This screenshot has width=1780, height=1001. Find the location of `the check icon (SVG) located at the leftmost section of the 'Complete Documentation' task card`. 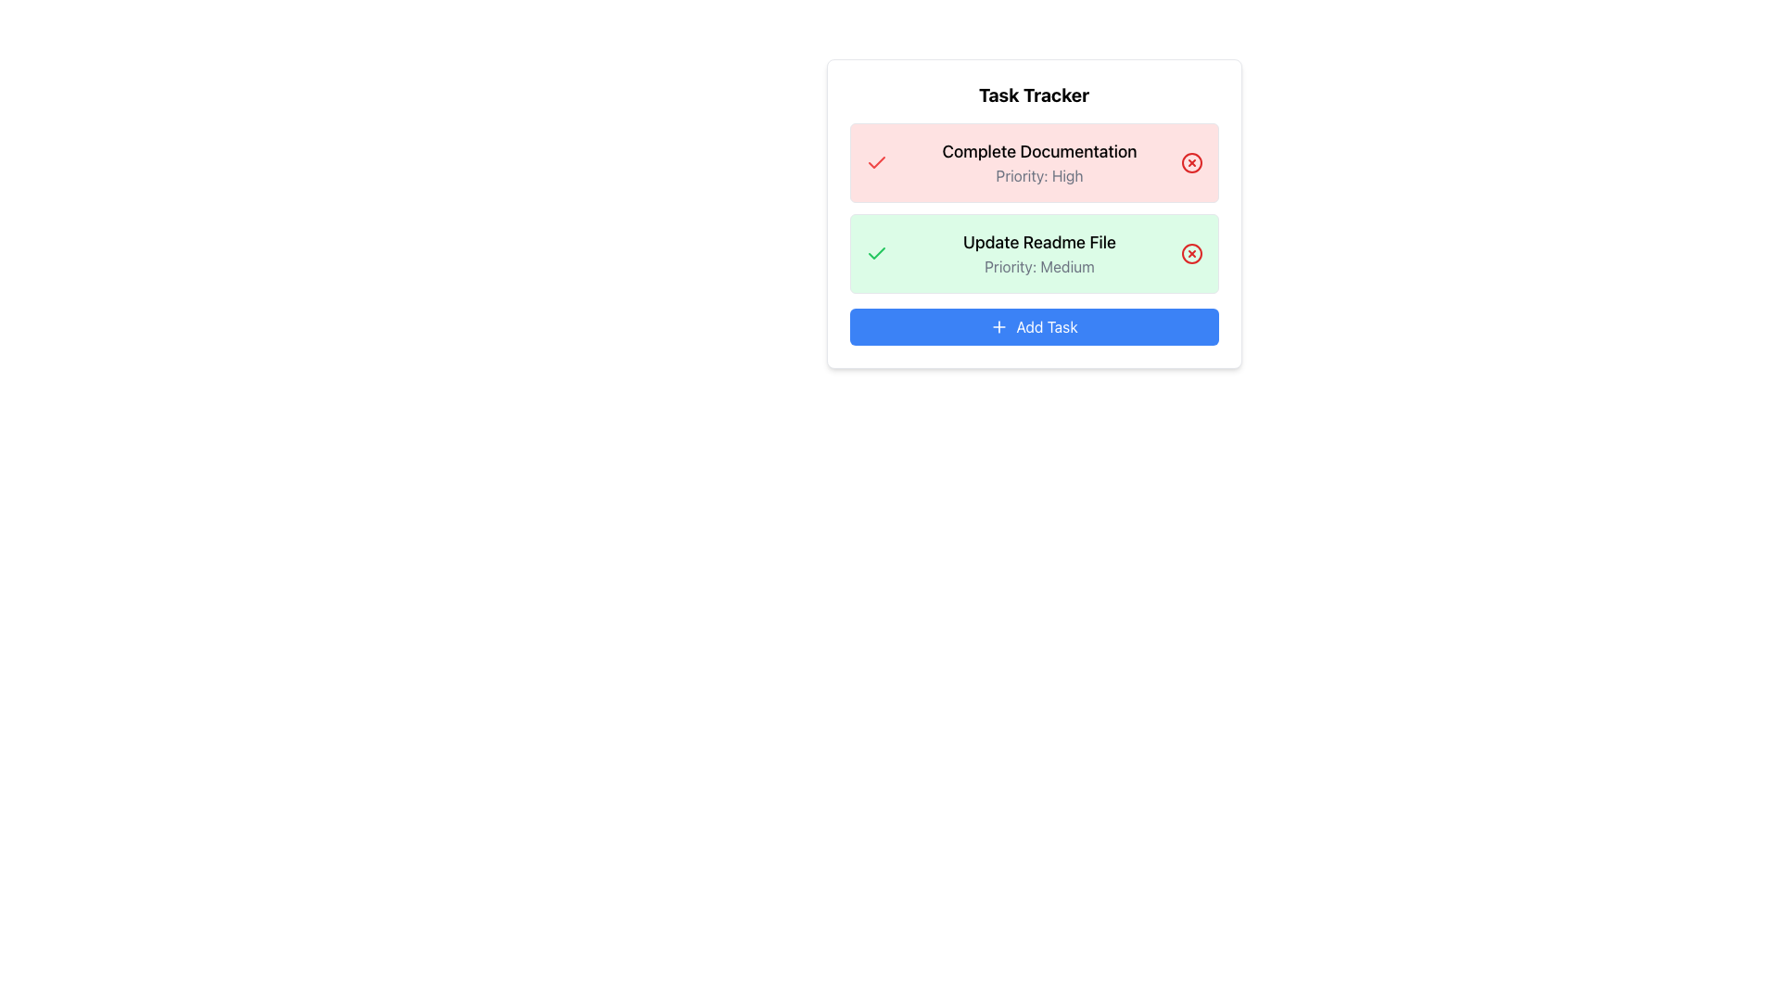

the check icon (SVG) located at the leftmost section of the 'Complete Documentation' task card is located at coordinates (875, 162).